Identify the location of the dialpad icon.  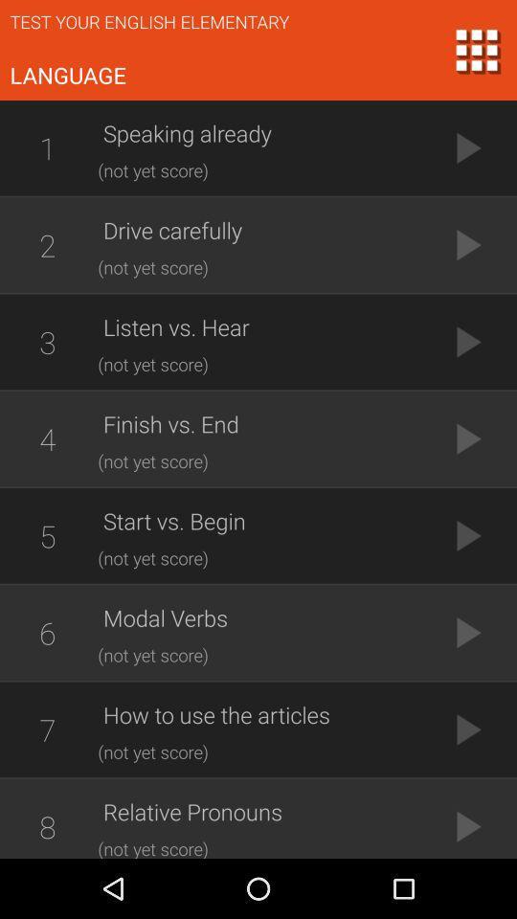
(475, 49).